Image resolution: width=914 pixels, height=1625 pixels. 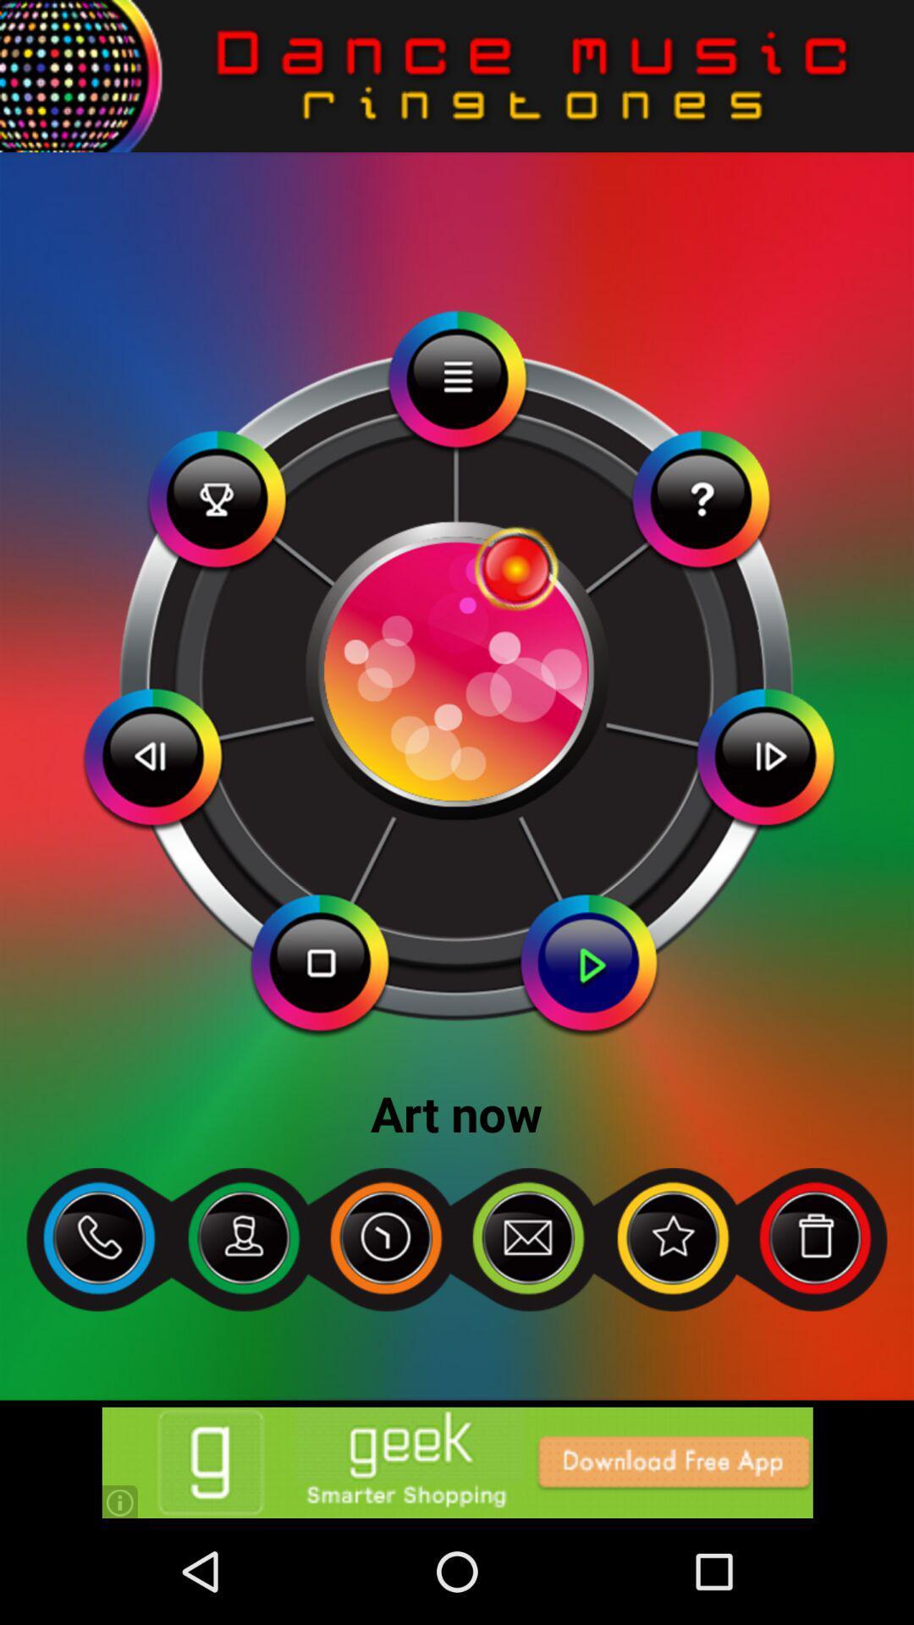 What do you see at coordinates (527, 1325) in the screenshot?
I see `the email icon` at bounding box center [527, 1325].